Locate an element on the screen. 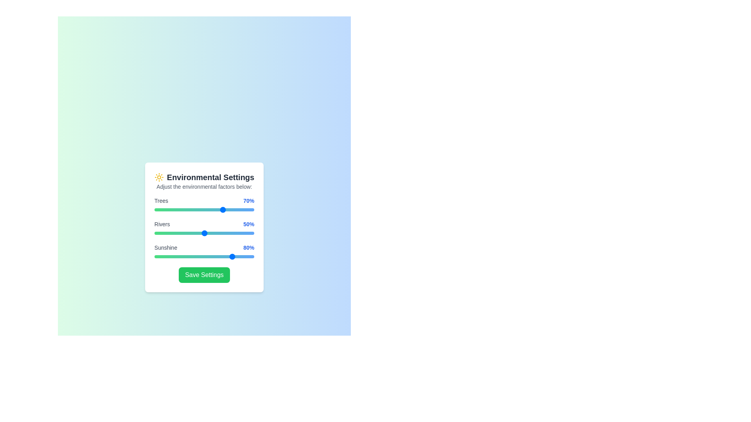 This screenshot has width=751, height=422. the 0 slider to 62% is located at coordinates (216, 209).